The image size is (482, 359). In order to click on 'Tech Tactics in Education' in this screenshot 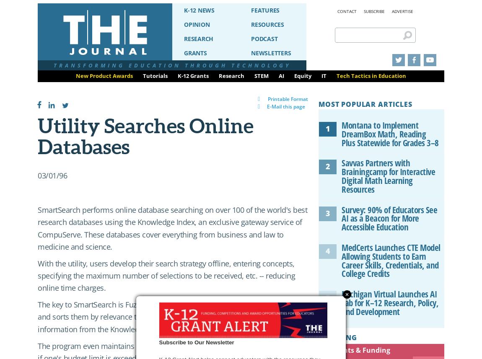, I will do `click(371, 75)`.